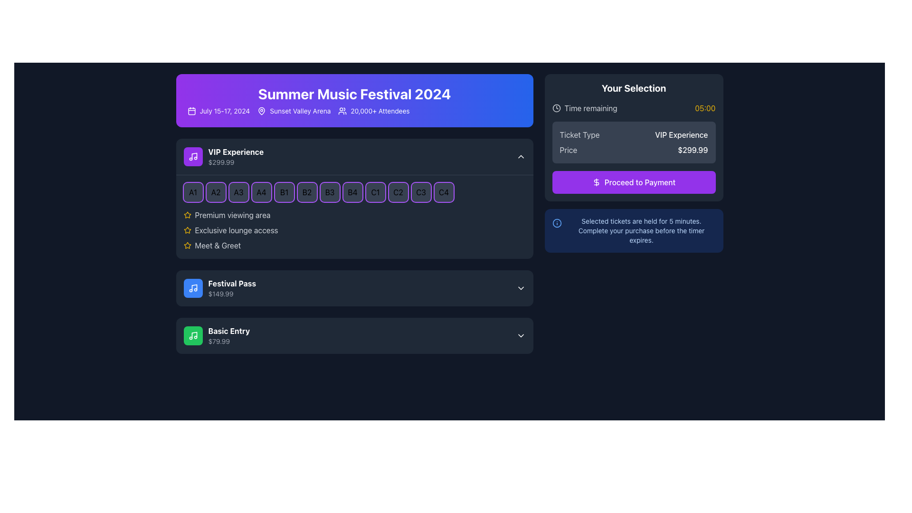  I want to click on the selectable VIP ticket option button for the Summer Music Festival 2024, which may expand or collapse details about the package or select the package, so click(354, 156).